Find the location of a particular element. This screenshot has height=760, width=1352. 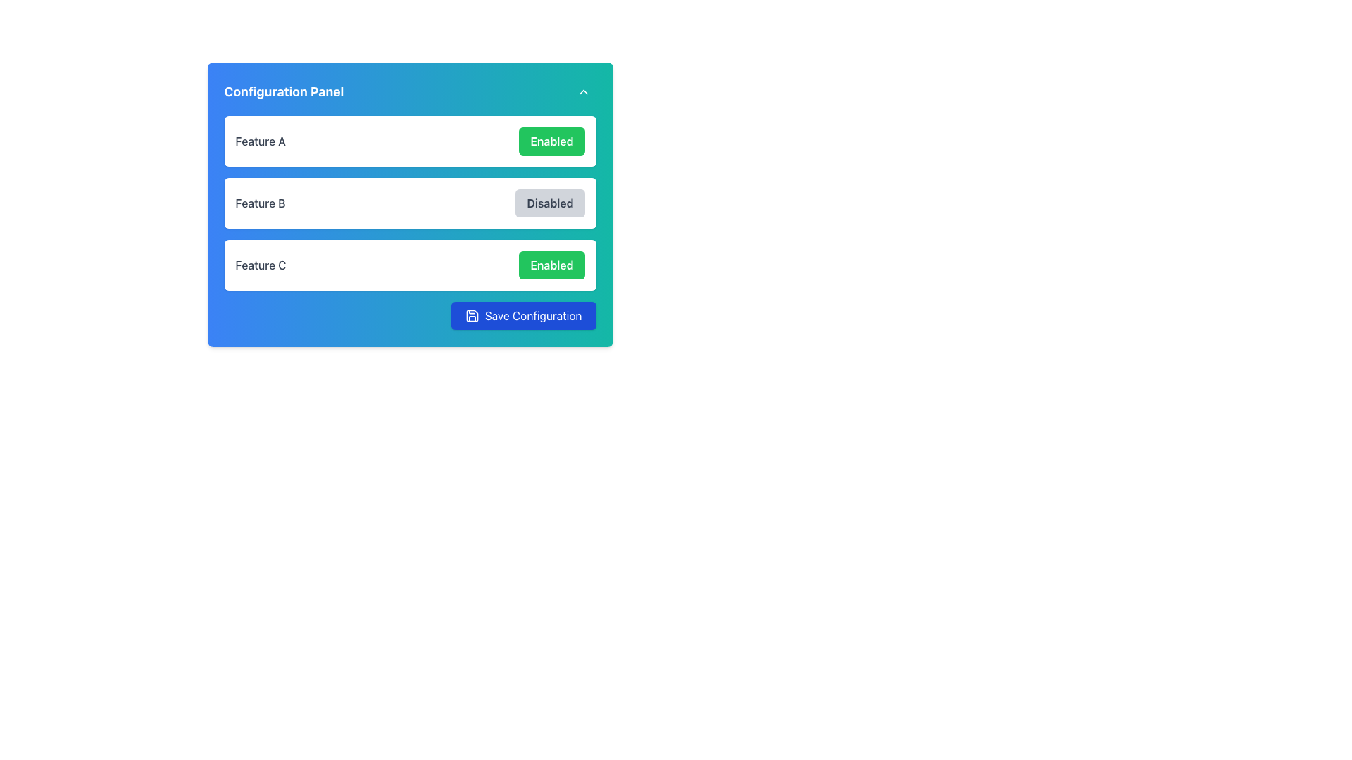

the 'Save Configuration' button that contains the SVG Icon aligned to the left of the text is located at coordinates (472, 315).